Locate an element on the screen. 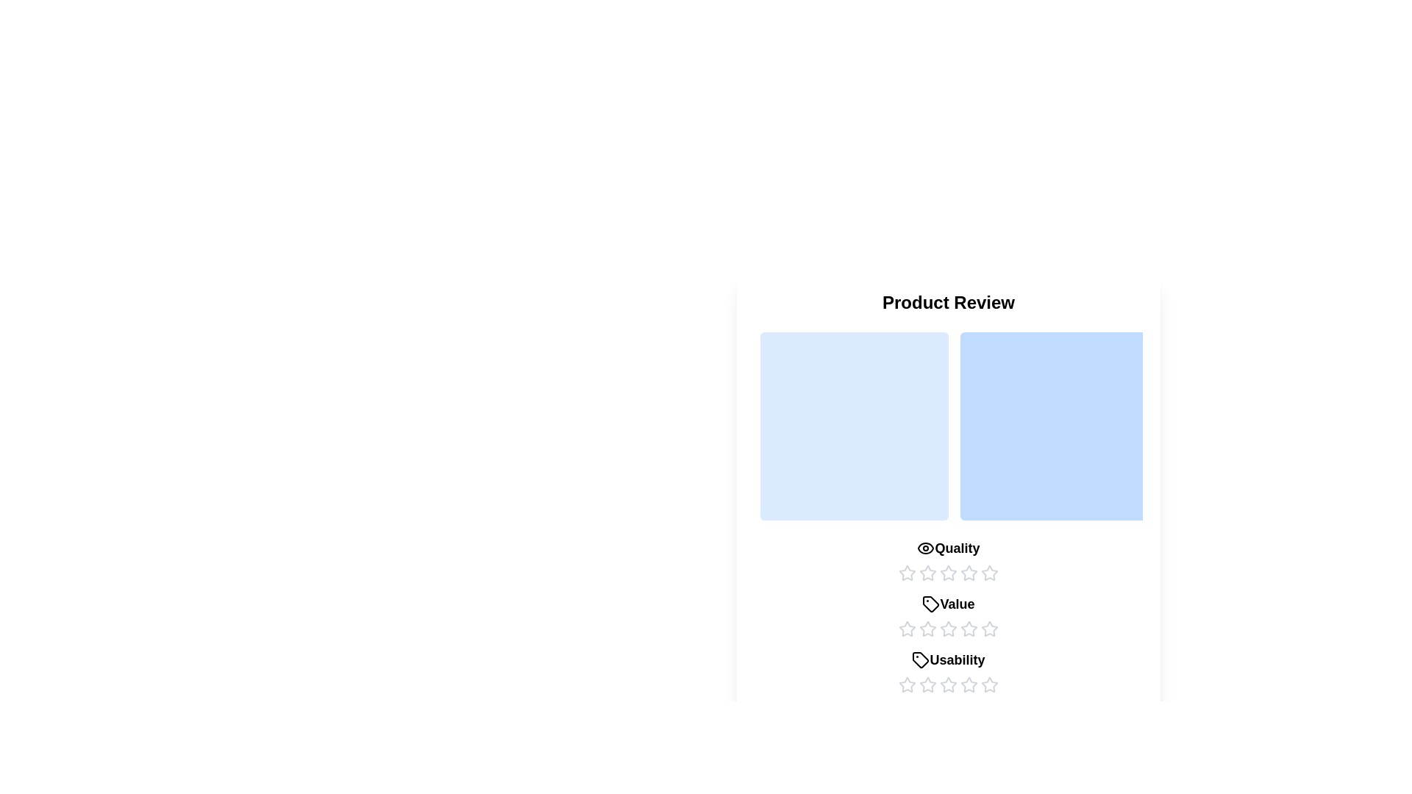 This screenshot has width=1412, height=794. the 'Submit Review' button to submit the review is located at coordinates (949, 721).